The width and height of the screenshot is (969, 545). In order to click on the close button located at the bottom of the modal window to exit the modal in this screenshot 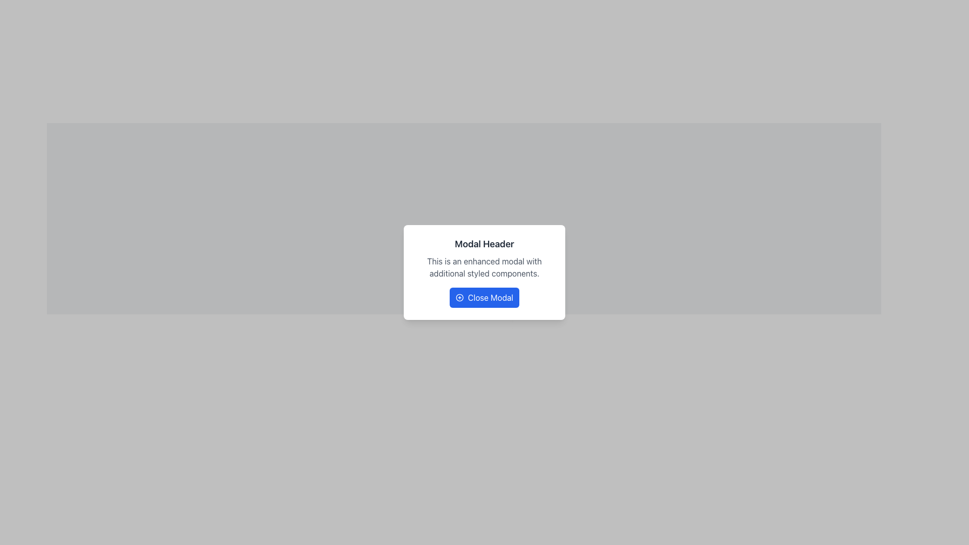, I will do `click(484, 297)`.